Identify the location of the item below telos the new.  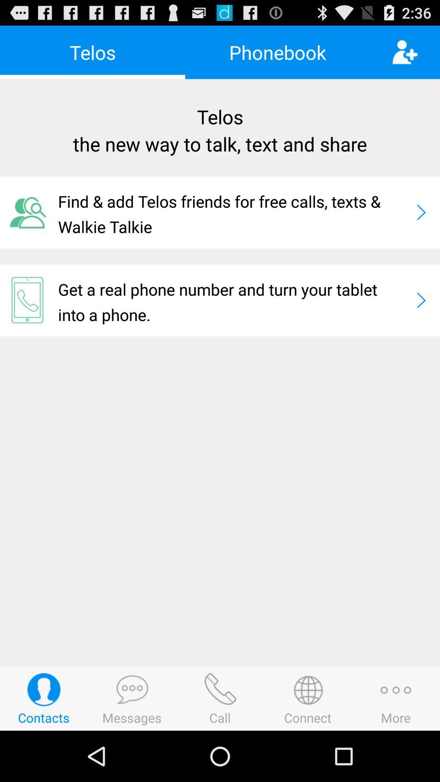
(233, 212).